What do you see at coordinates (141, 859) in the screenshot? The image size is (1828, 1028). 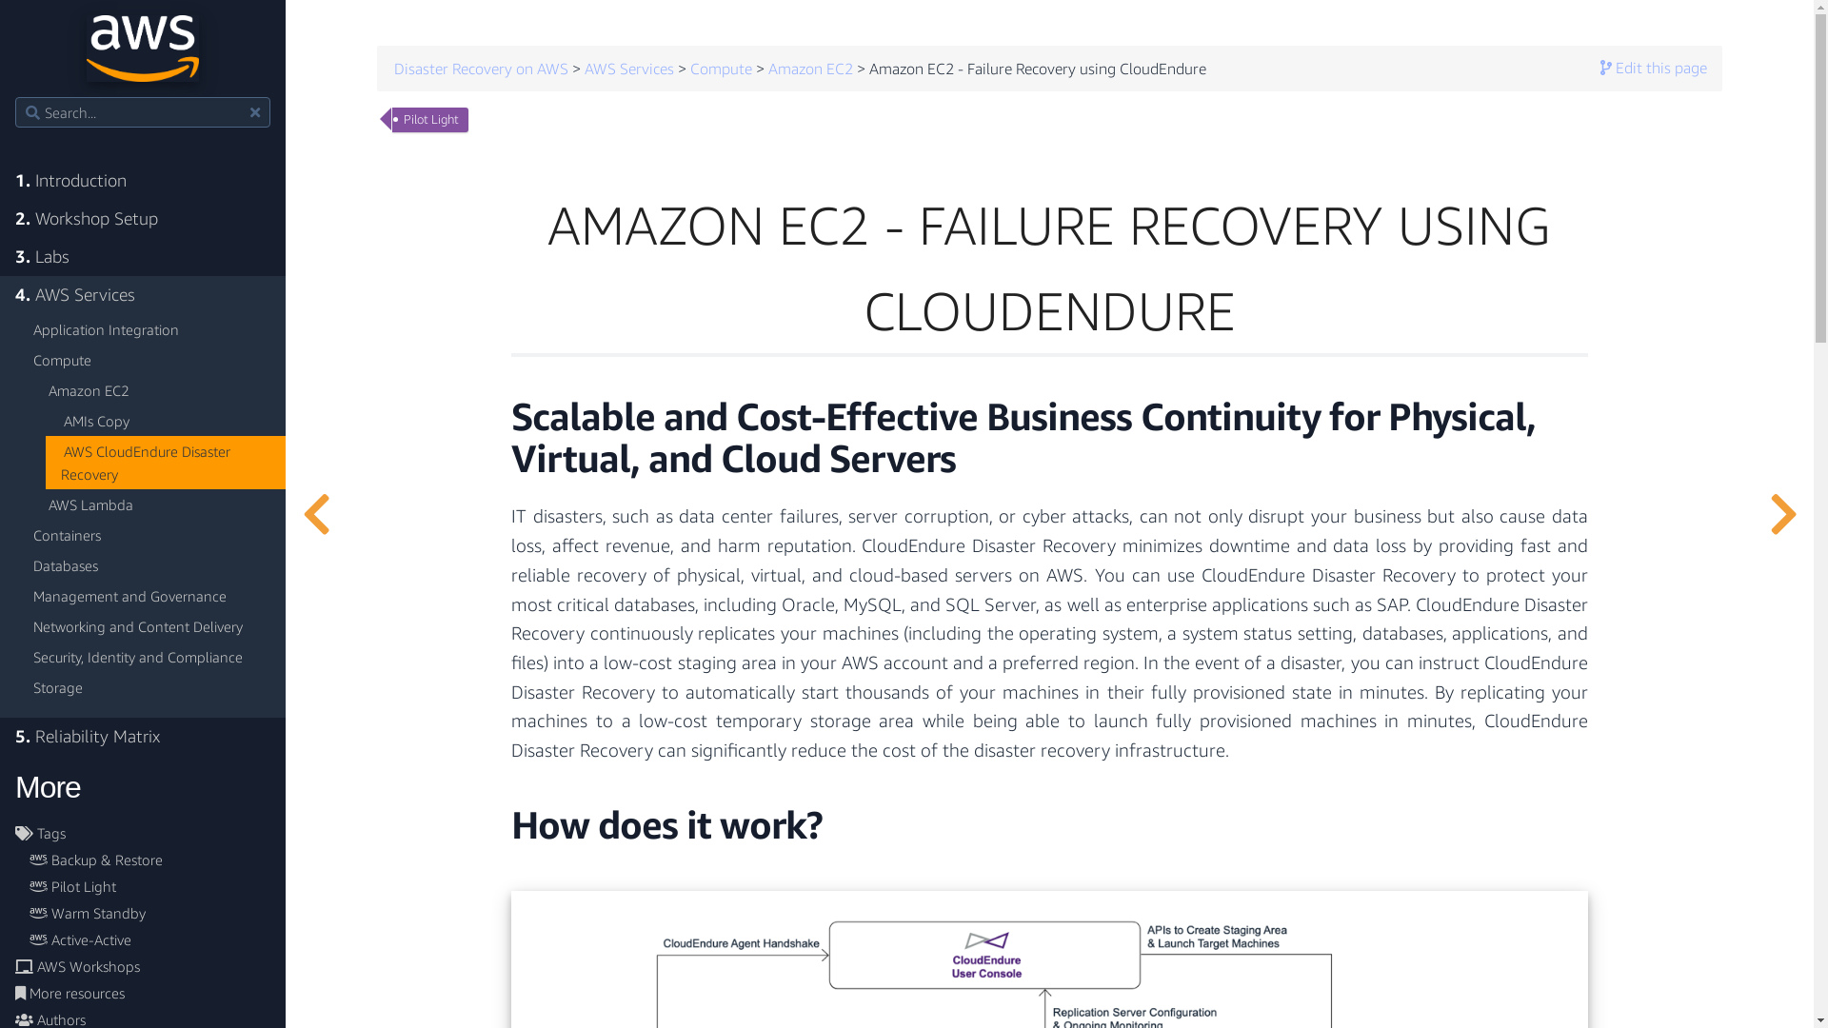 I see `'Backup & Restore'` at bounding box center [141, 859].